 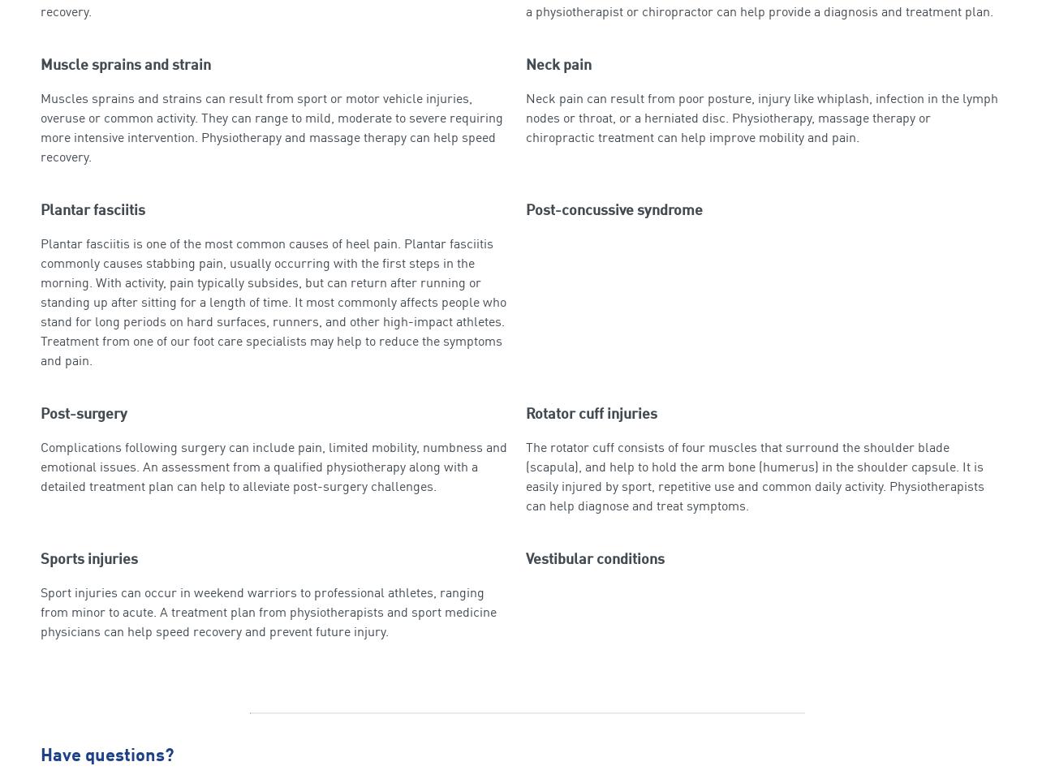 What do you see at coordinates (272, 301) in the screenshot?
I see `'Plantar fasciitis is one of the most common causes of heel pain. Plantar fasciitis commonly causes stabbing pain, usually occurring with the first steps in the morning. With activity, pain typically subsides, but can return after running or standing up after sitting for a length of time. It most commonly affects people who stand for long periods on hard surfaces, runners, and other high-impact athletes. Treatment from one of our foot care specialists may help to reduce the symptoms and pain.'` at bounding box center [272, 301].